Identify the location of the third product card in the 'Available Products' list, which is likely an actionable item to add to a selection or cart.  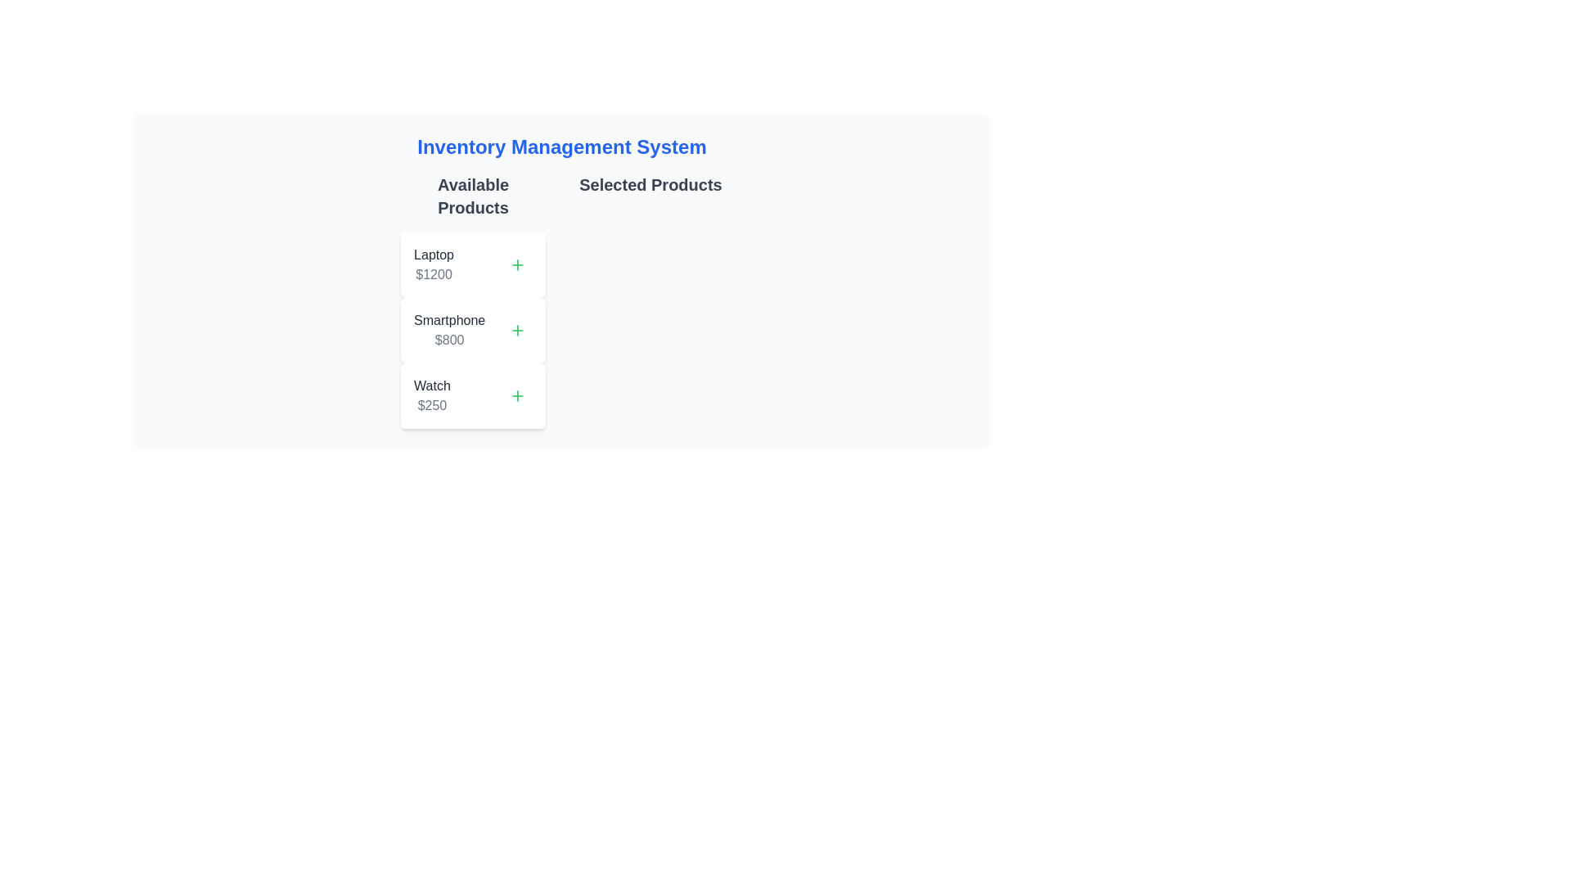
(472, 395).